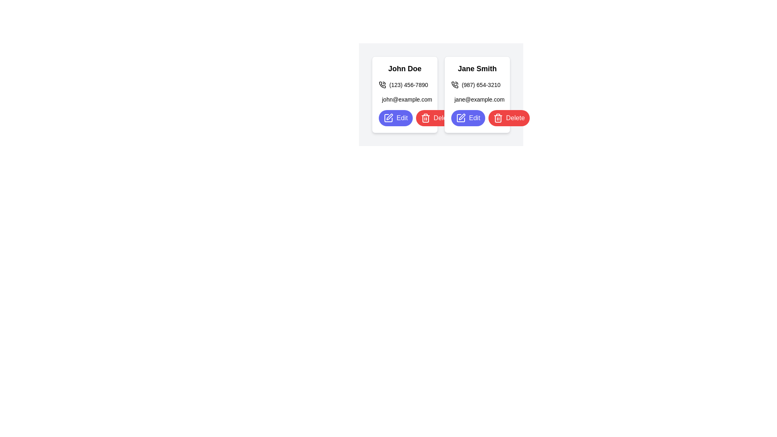 Image resolution: width=777 pixels, height=437 pixels. I want to click on the trash bin icon, which is styled with a red fill and white rounded lines, located to the left of the 'Delete' label in a rounded red button, so click(425, 118).